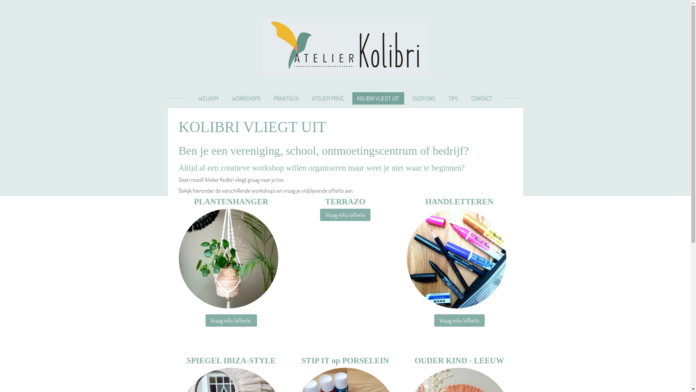 Image resolution: width=696 pixels, height=392 pixels. I want to click on 'atelierkolibri.be', so click(345, 46).